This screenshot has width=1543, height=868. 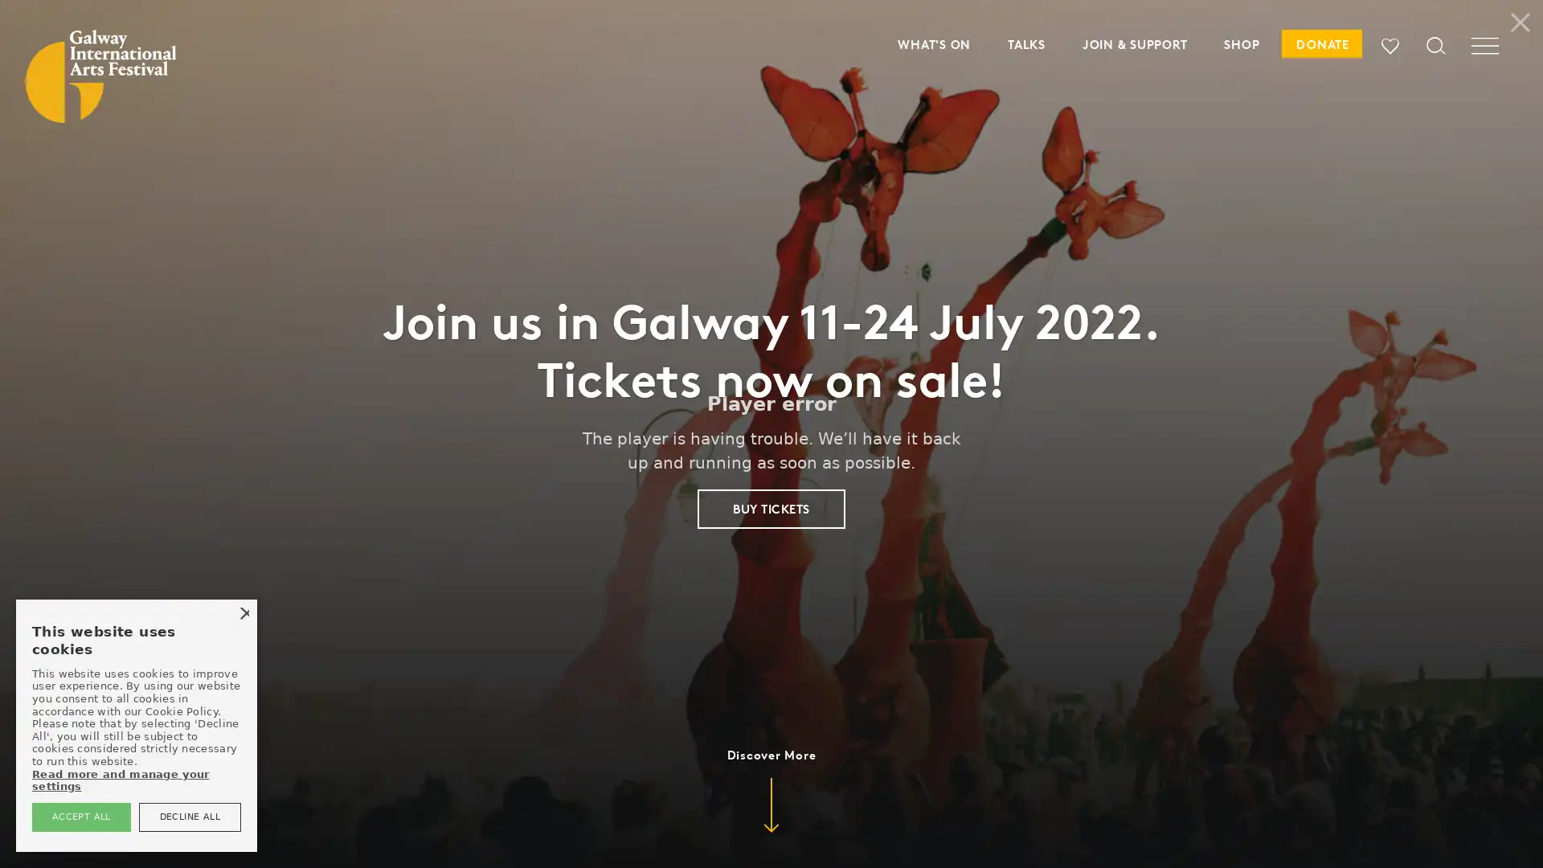 I want to click on ACCEPT ALL, so click(x=80, y=817).